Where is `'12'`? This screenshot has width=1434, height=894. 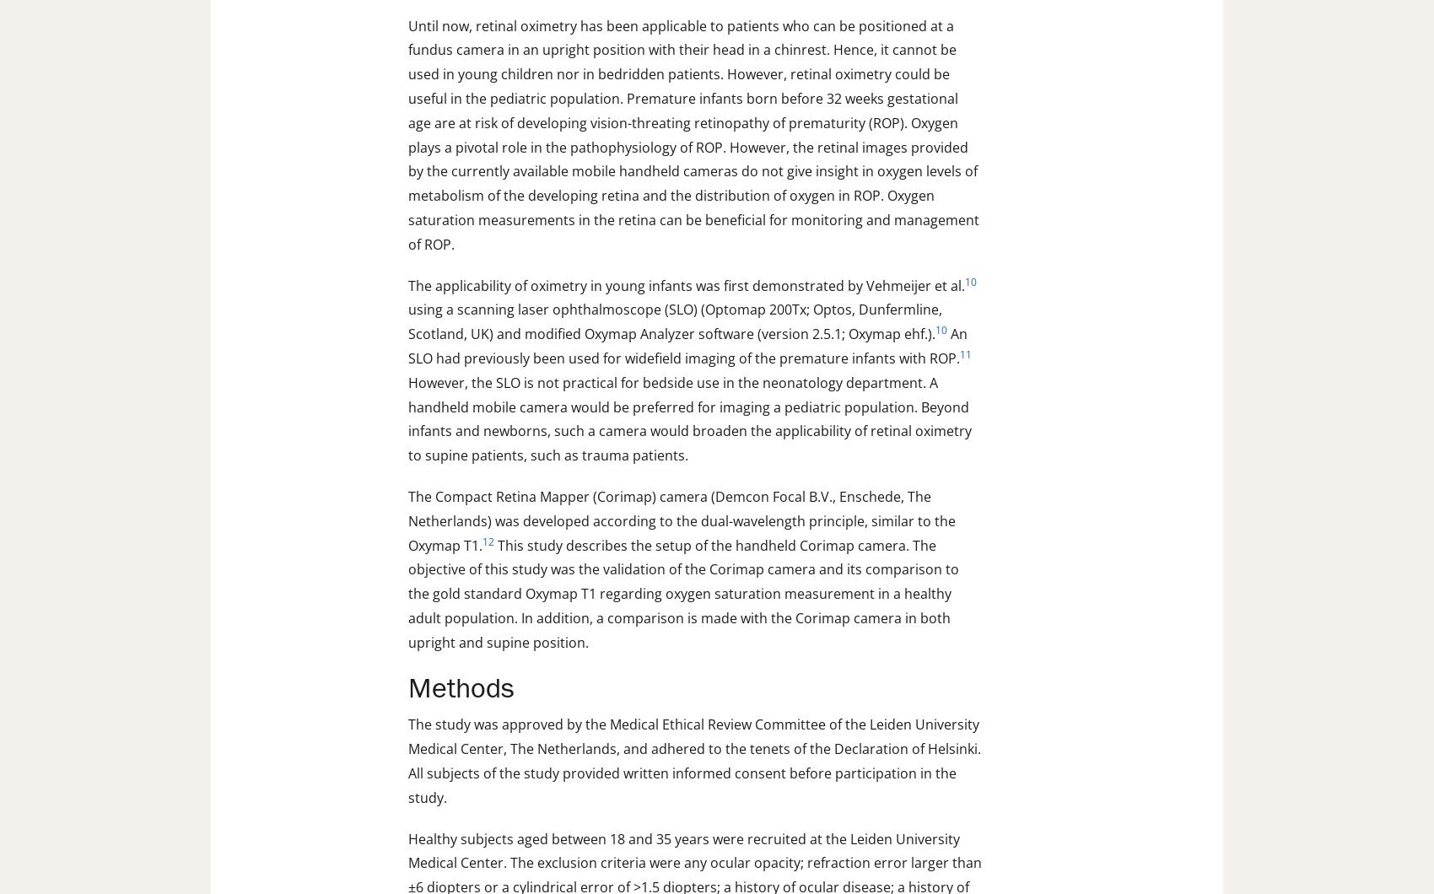
'12' is located at coordinates (488, 541).